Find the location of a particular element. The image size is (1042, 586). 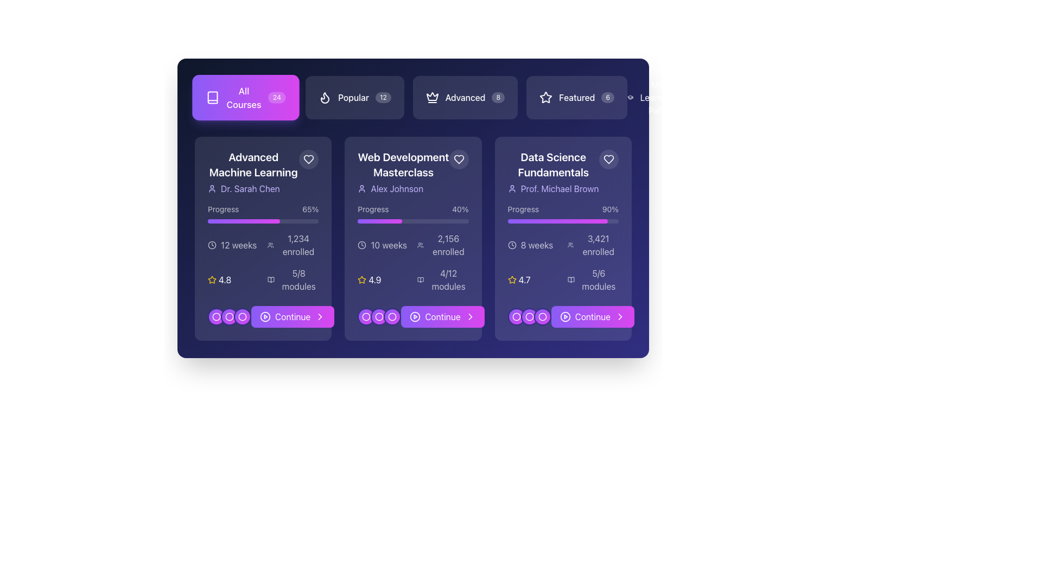

progress completion is located at coordinates (263, 221).